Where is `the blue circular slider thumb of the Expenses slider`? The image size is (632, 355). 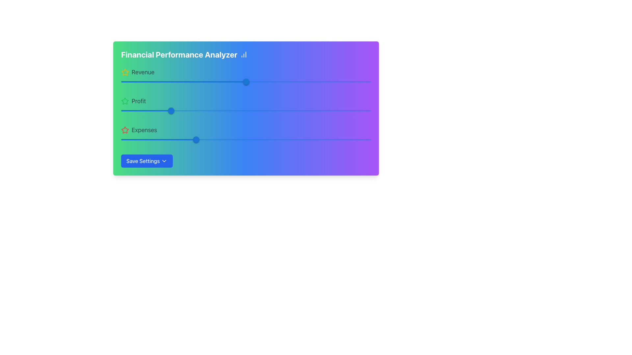
the blue circular slider thumb of the Expenses slider is located at coordinates (196, 139).